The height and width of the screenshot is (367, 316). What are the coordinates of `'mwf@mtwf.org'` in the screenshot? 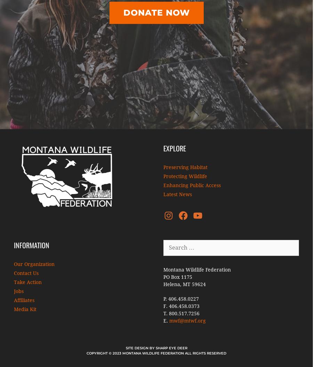 It's located at (187, 321).